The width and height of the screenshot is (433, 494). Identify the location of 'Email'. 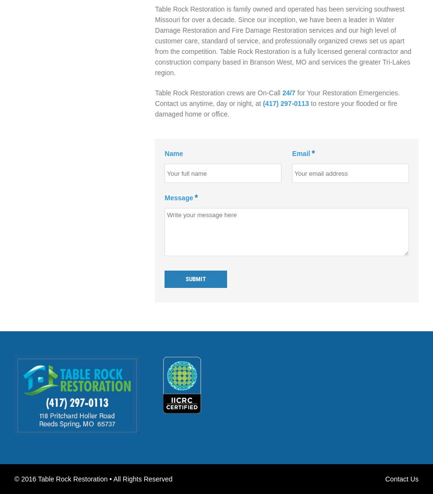
(301, 153).